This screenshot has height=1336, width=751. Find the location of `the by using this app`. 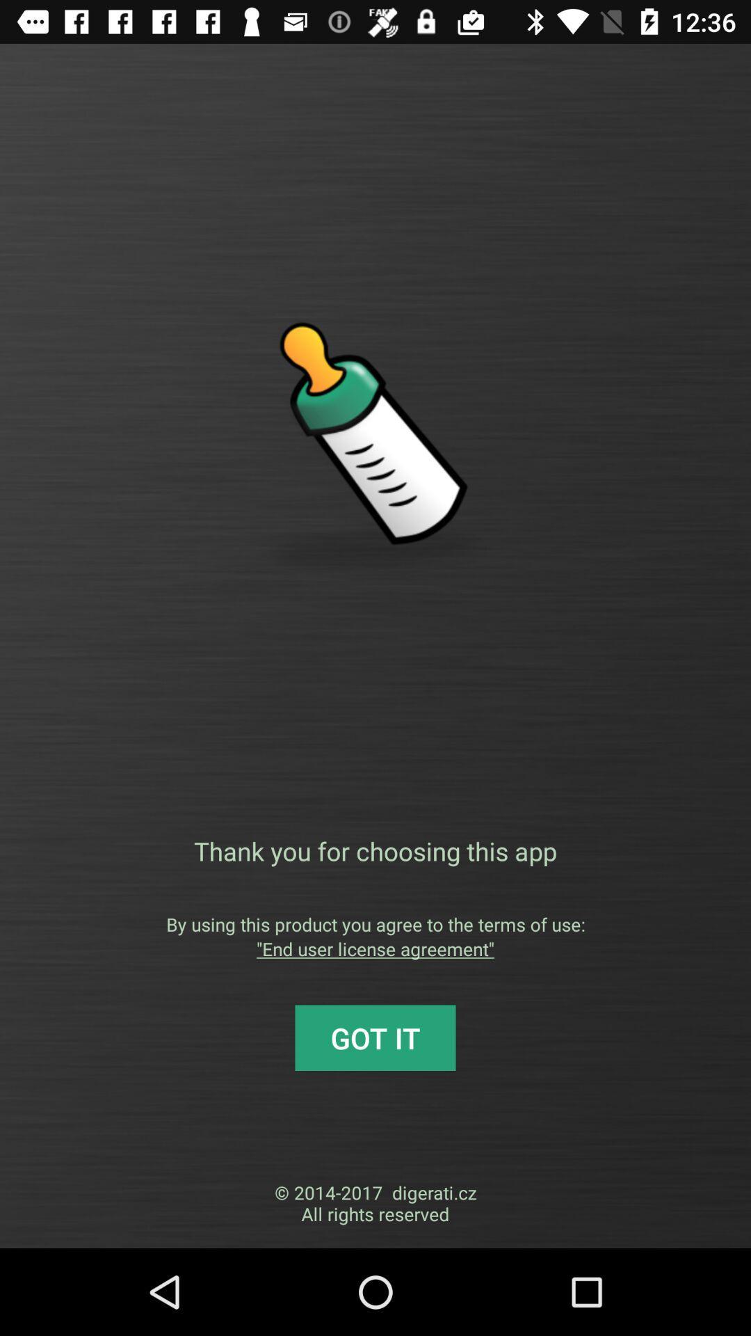

the by using this app is located at coordinates (375, 924).